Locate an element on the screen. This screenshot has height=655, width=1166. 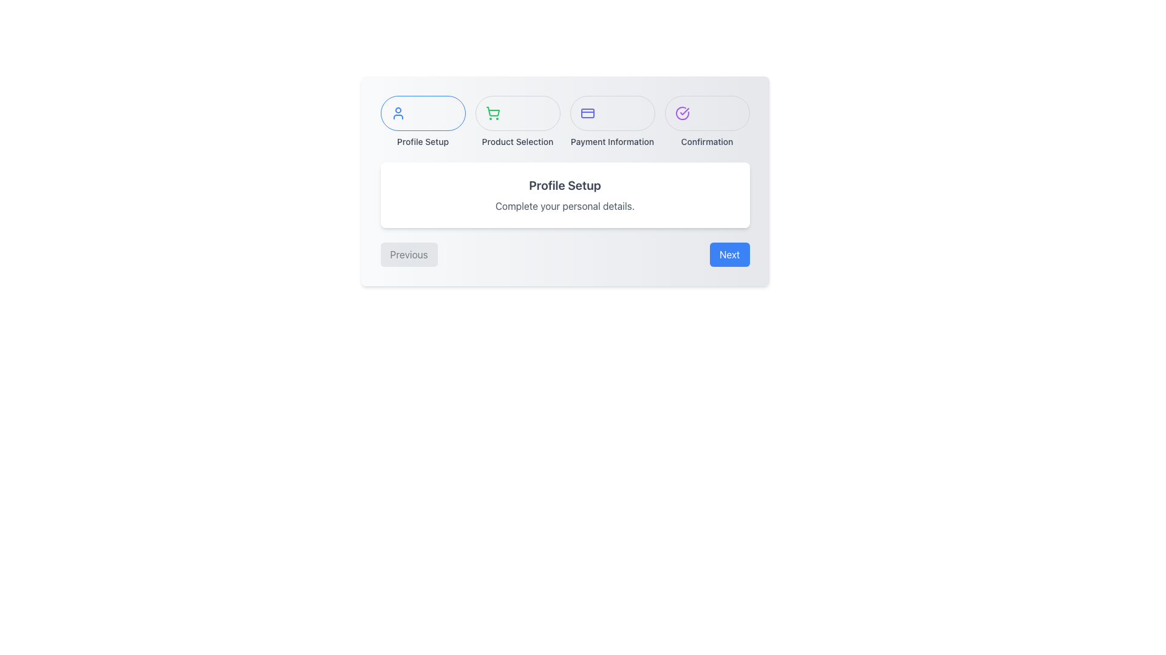
the user profile icon button is located at coordinates (423, 113).